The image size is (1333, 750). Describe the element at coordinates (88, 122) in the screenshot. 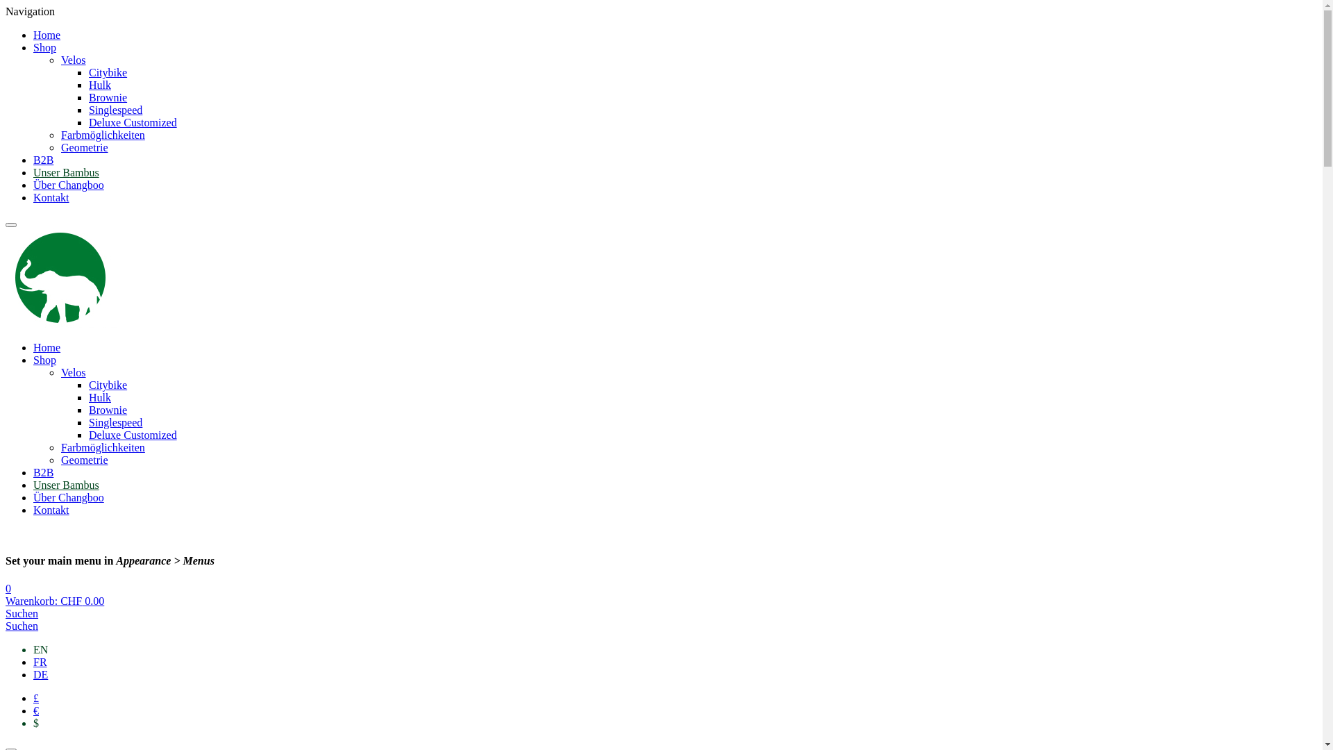

I see `'Deluxe Customized'` at that location.